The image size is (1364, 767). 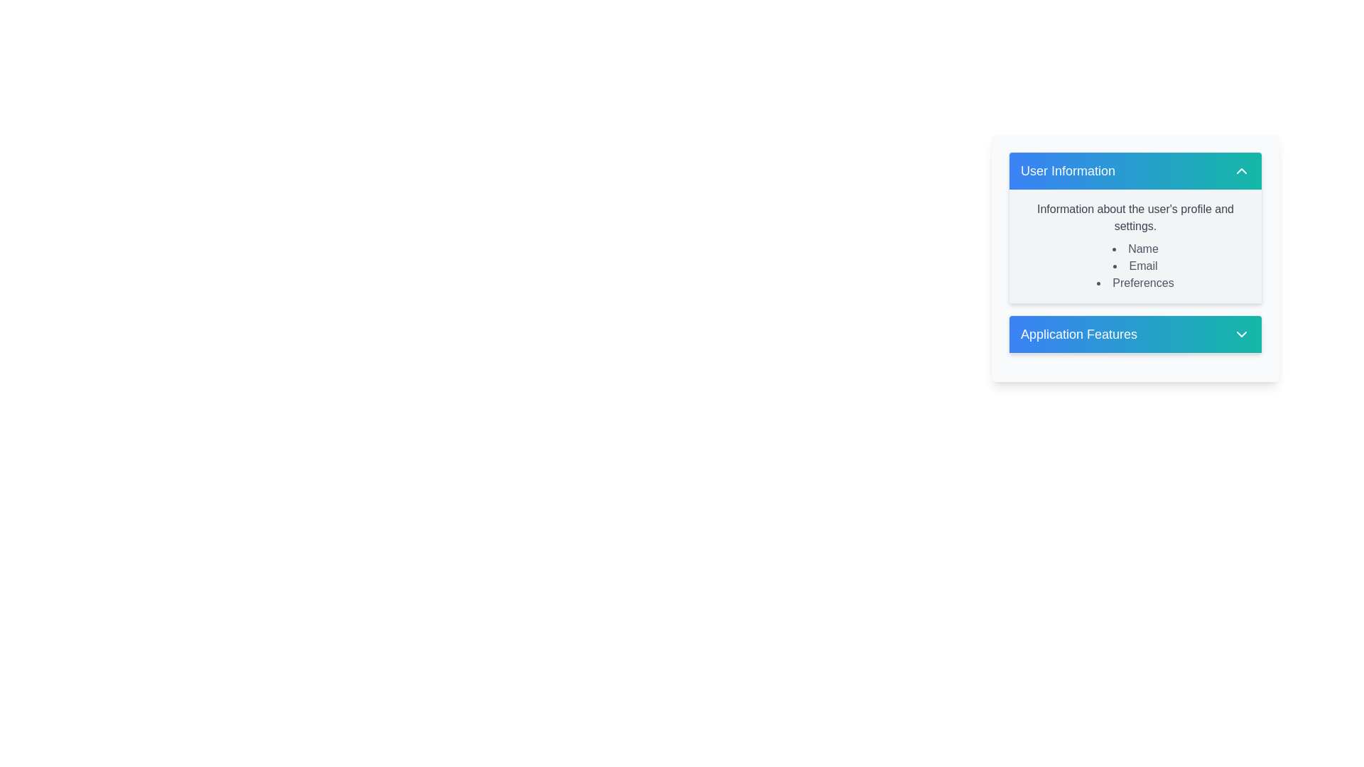 What do you see at coordinates (1079, 334) in the screenshot?
I see `the 'Application Features' label that displays white text on a blue to teal gradient background by moving the cursor to its center point` at bounding box center [1079, 334].